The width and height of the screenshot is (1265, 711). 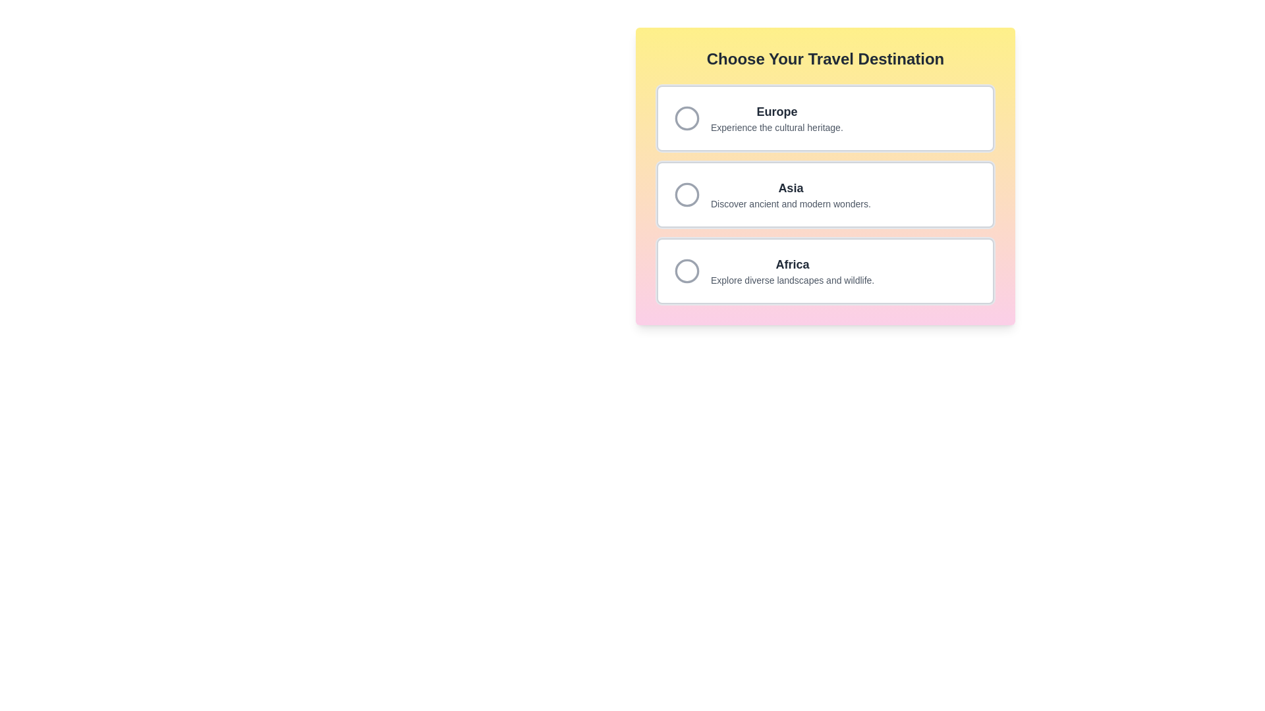 What do you see at coordinates (777, 127) in the screenshot?
I see `the text snippet reading 'Experience the cultural heritage.' which is styled in a smaller font size and lighter gray color, positioned as a descriptive subtitle under the headline 'Europe' in the travel destination options` at bounding box center [777, 127].